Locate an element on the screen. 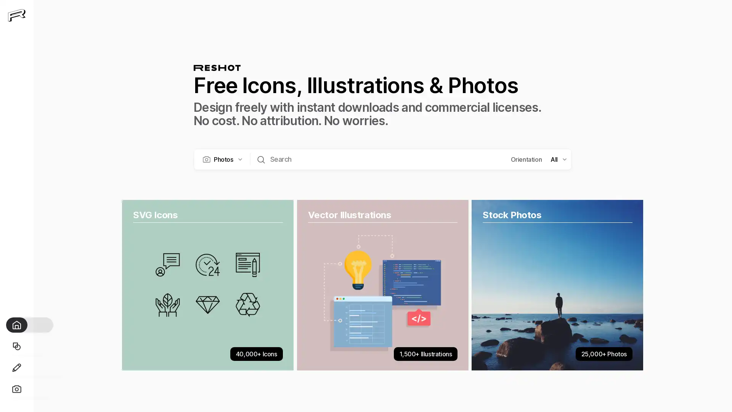 This screenshot has width=732, height=412. Search is located at coordinates (261, 158).